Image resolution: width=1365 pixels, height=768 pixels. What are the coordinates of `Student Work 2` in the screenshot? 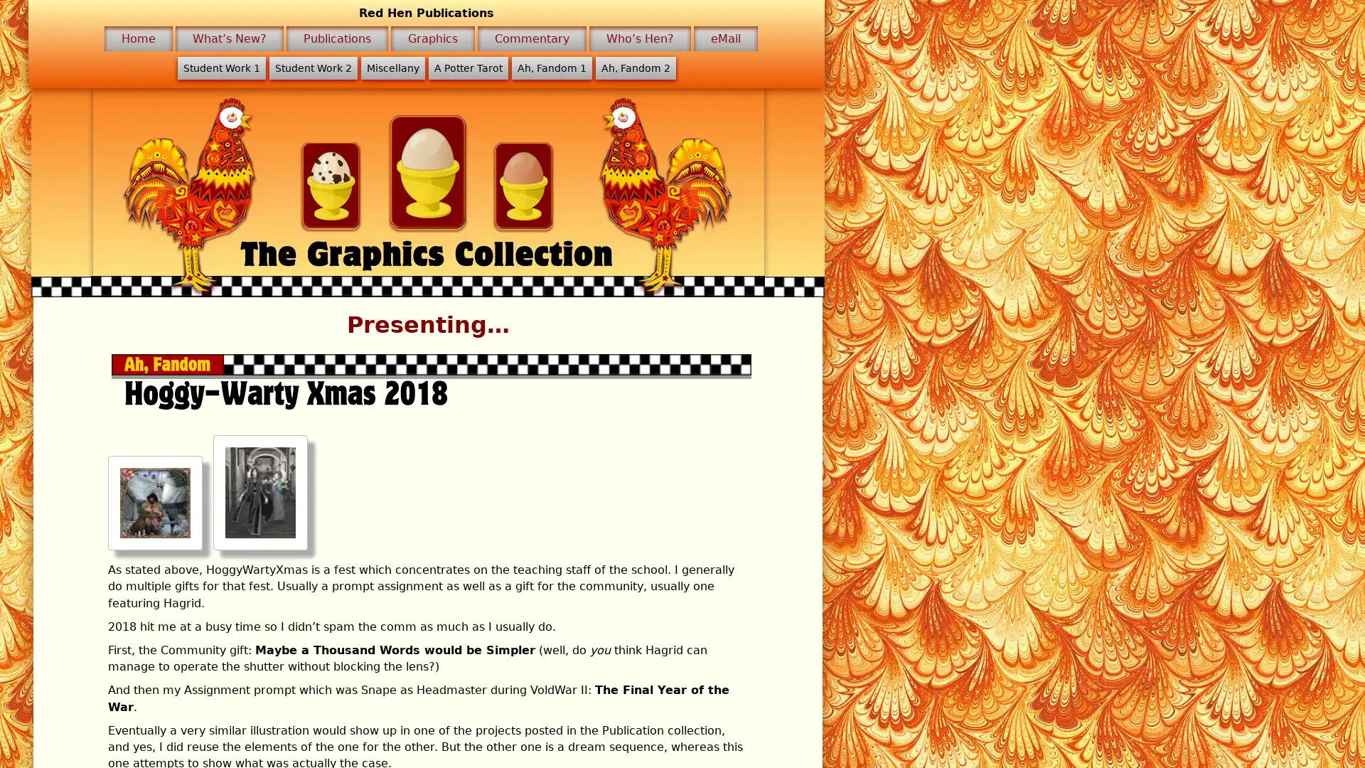 It's located at (312, 68).